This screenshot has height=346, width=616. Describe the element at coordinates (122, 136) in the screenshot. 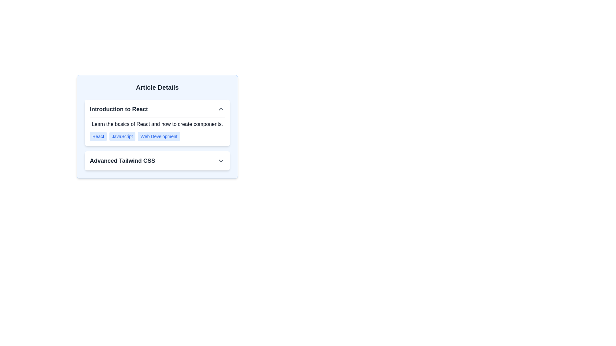

I see `the middle badge labeled 'JavaScript' in the section titled 'Introduction to React', which is positioned between the badges 'React' and 'Web Development'` at that location.